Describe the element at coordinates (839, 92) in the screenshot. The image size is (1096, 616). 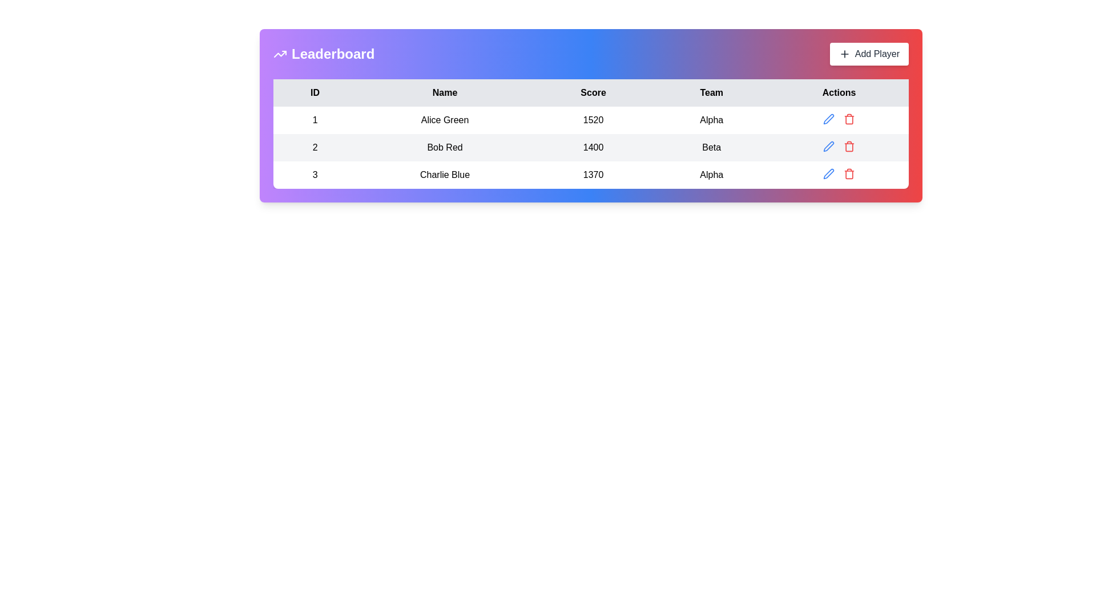
I see `the Text label in the header row of the table, which is the last column on the right, adjacent to the 'Team' header` at that location.